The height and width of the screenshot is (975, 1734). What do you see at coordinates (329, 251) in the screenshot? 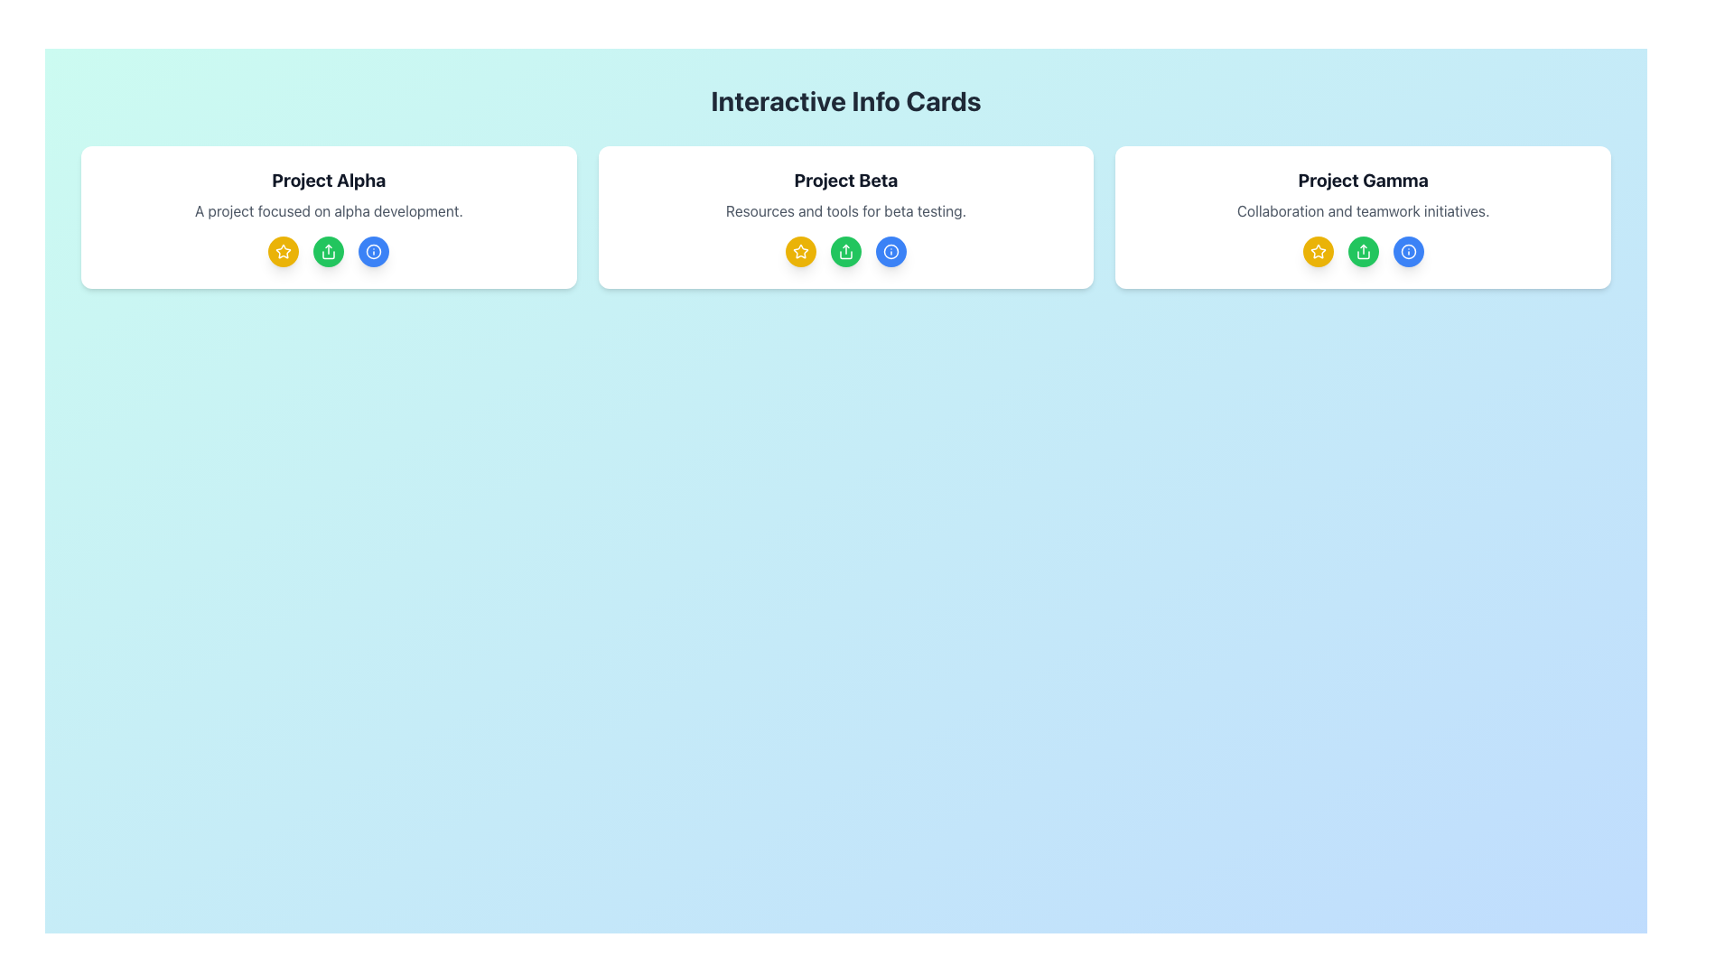
I see `the green circular icon with a white upward arrow located centrally in the bottom row of the 'Project Alpha' card` at bounding box center [329, 251].